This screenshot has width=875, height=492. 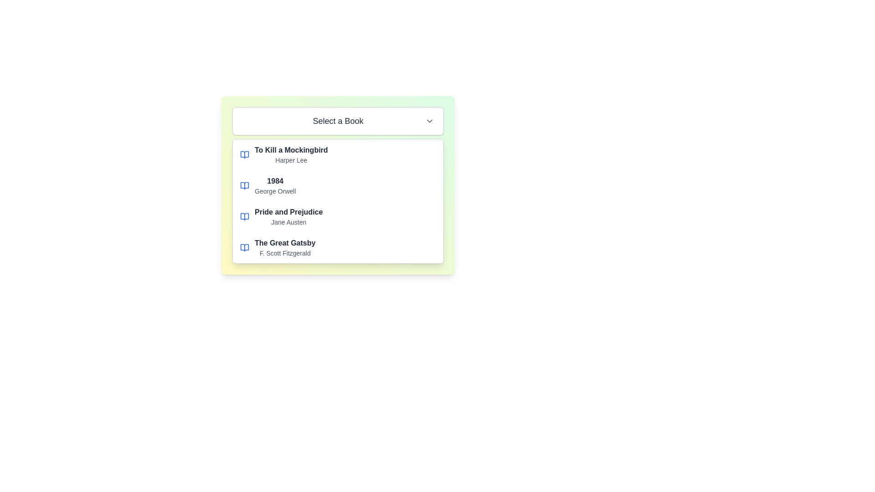 I want to click on the book icon representing 'Pride and Prejudice' by Jane Austen, so click(x=245, y=216).